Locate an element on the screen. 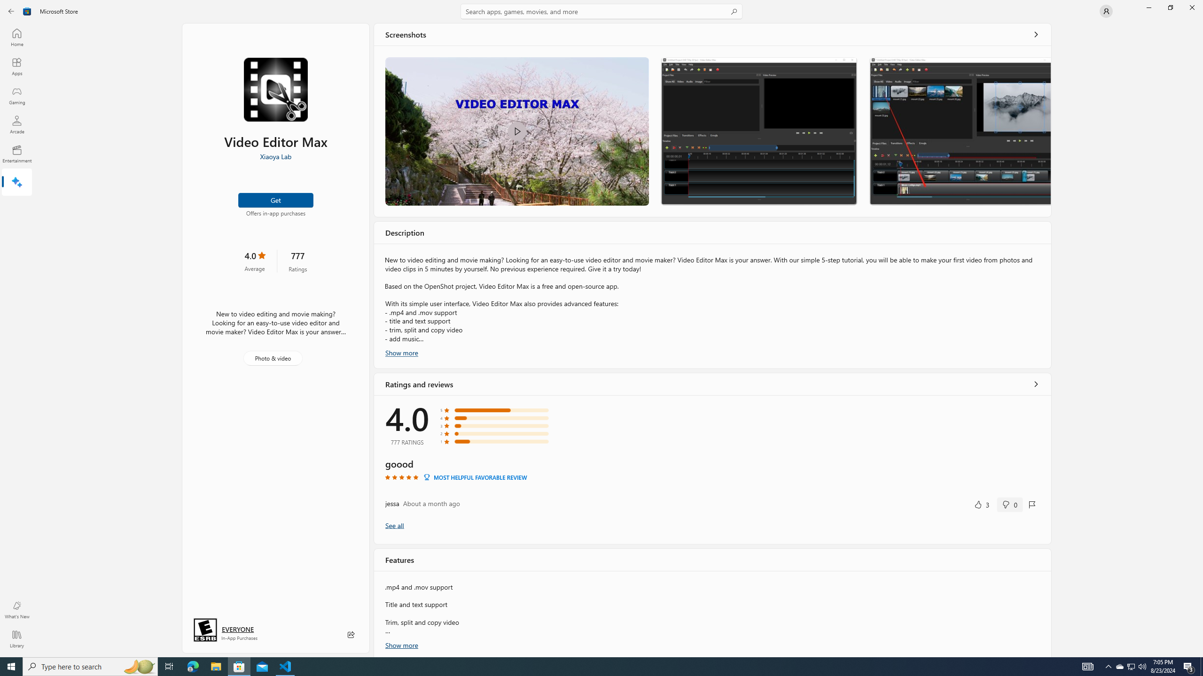 The height and width of the screenshot is (676, 1203). 'Show all ratings and reviews' is located at coordinates (394, 525).